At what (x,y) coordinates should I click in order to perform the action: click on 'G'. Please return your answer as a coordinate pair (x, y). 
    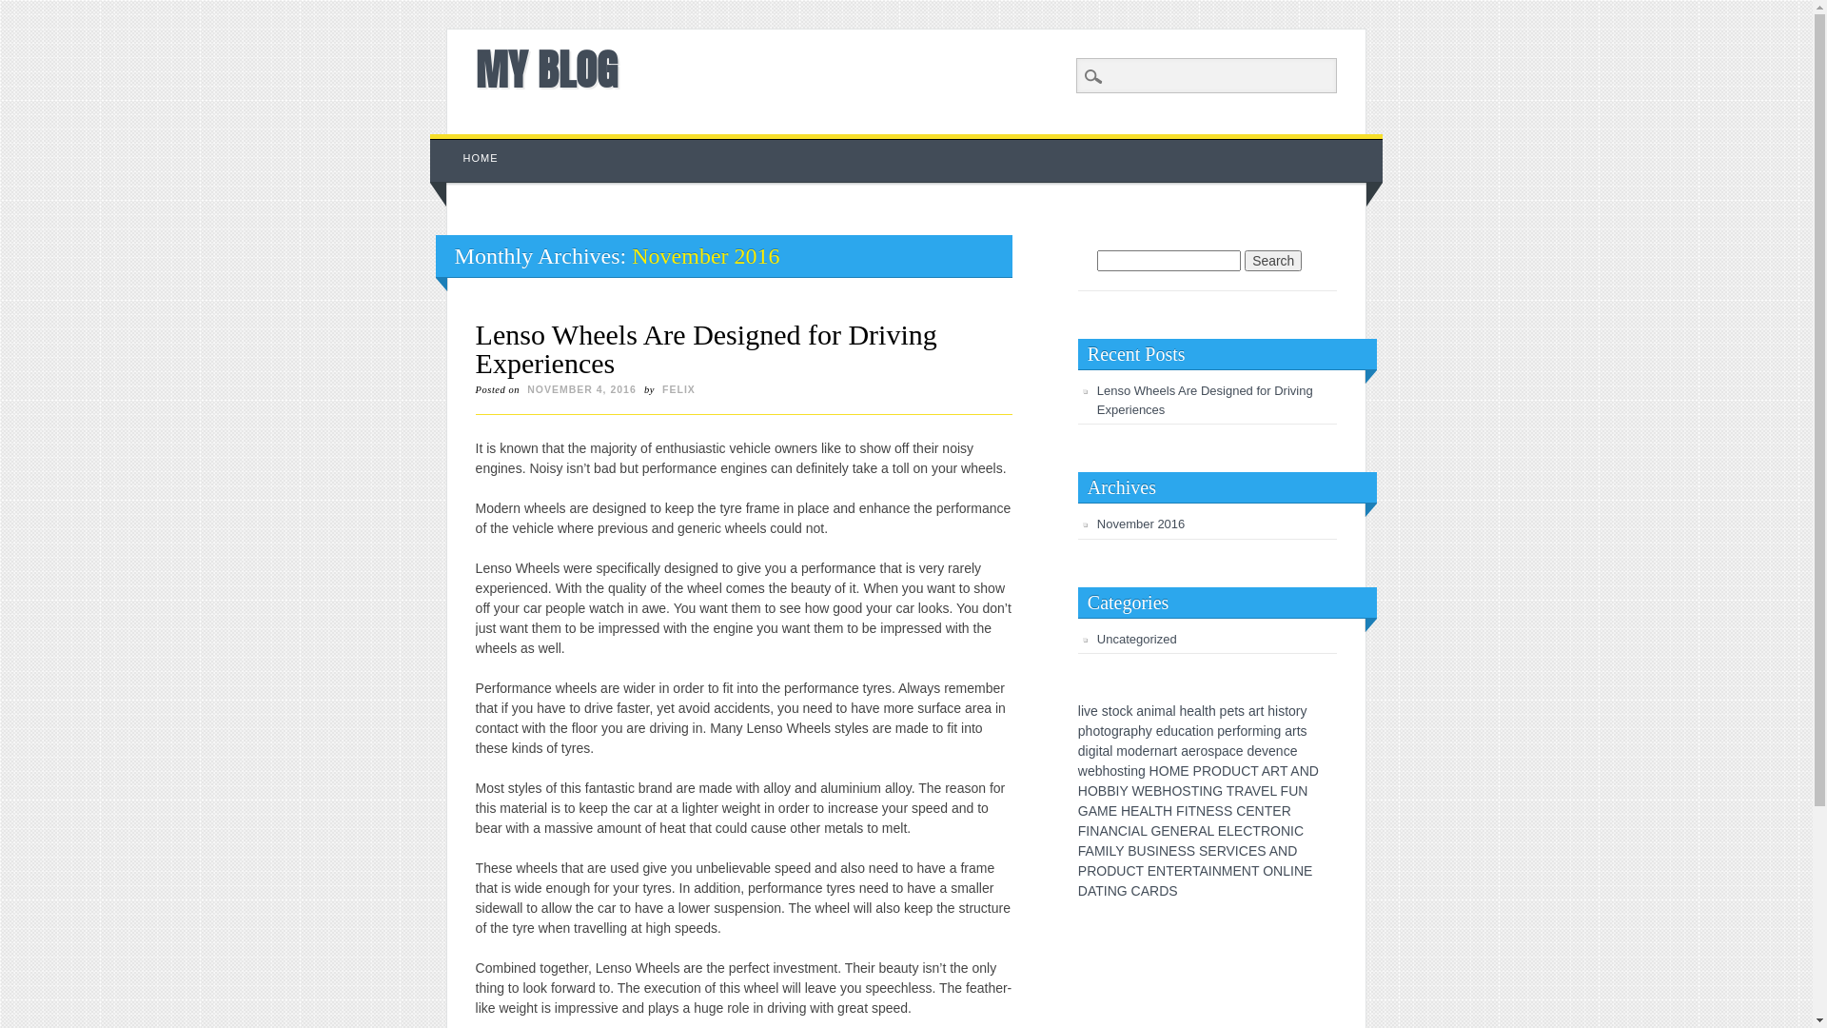
    Looking at the image, I should click on (1149, 829).